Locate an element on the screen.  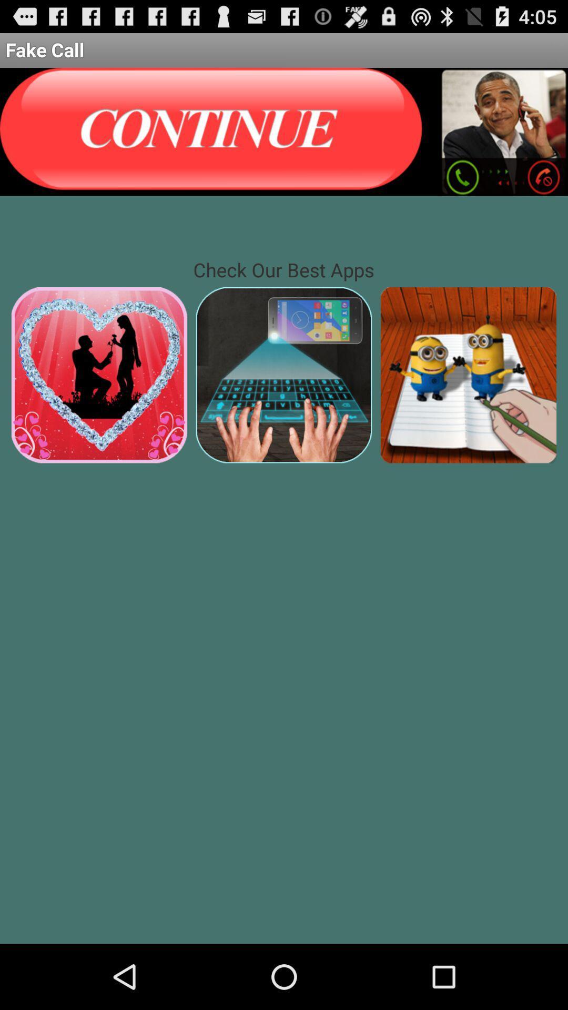
option is located at coordinates (213, 131).